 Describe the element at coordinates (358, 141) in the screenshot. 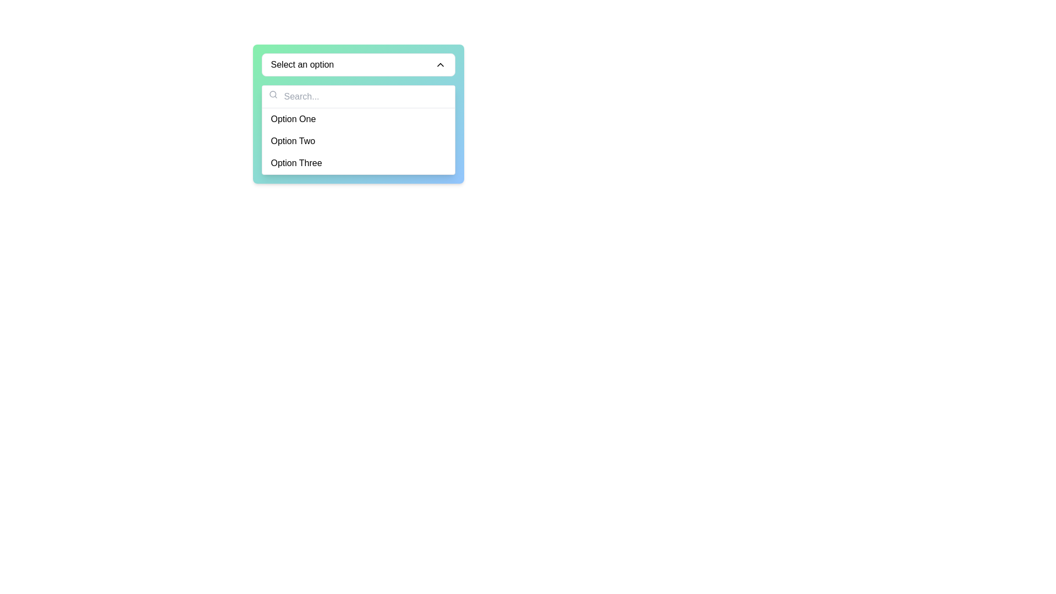

I see `the second option labeled 'Option Two' in the dropdown menu` at that location.